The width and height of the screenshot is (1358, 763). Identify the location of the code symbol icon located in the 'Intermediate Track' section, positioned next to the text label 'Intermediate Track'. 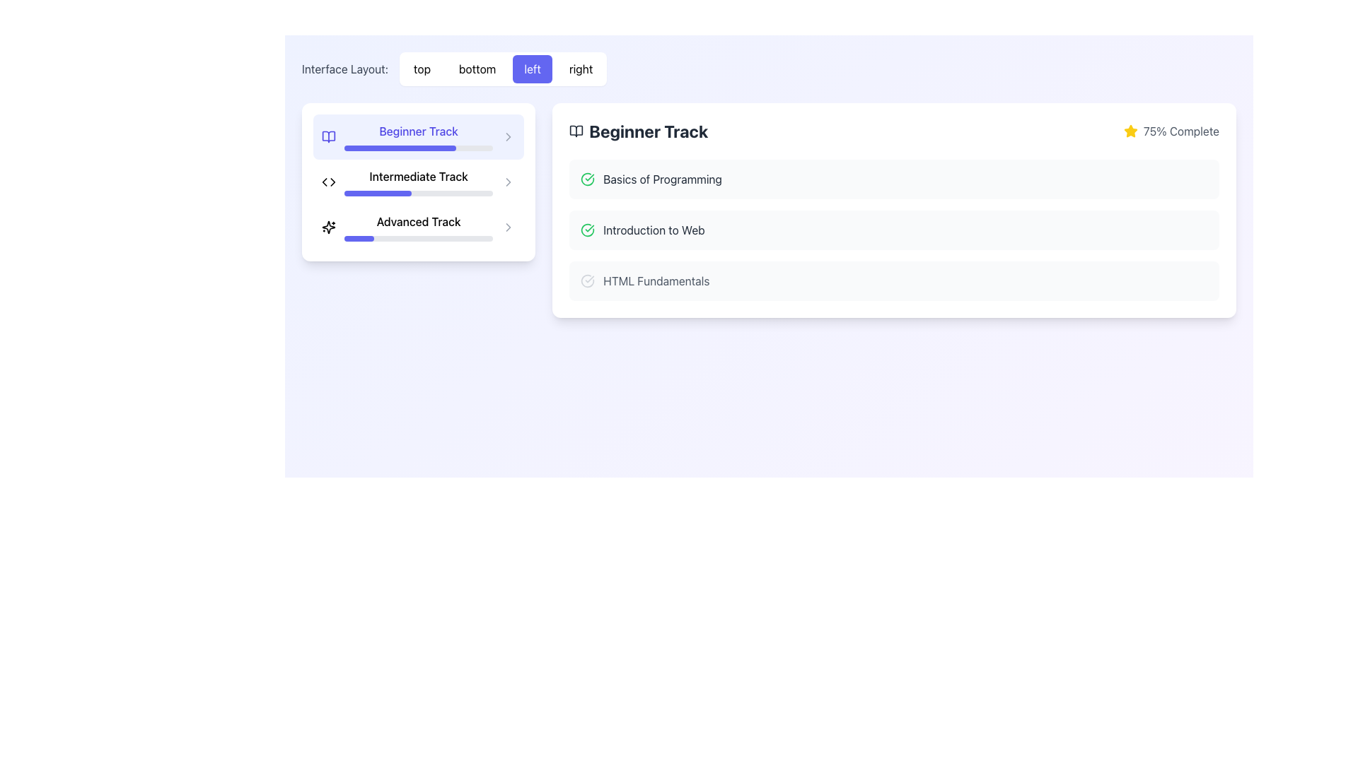
(328, 182).